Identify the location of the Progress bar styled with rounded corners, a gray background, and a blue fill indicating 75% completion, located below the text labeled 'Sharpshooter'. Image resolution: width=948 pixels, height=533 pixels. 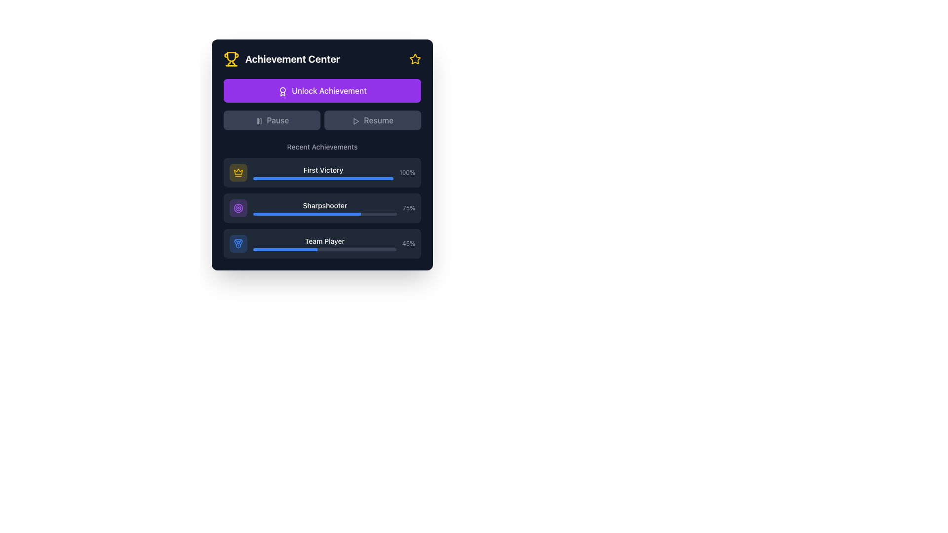
(325, 214).